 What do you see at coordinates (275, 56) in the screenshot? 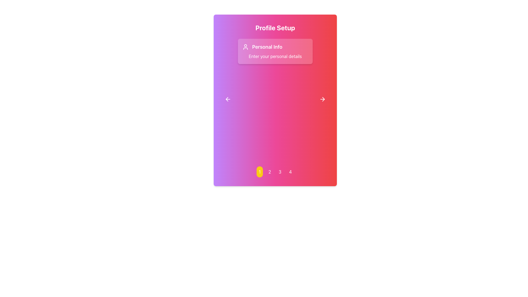
I see `the text label displaying 'Enter your personal details' within the card-like UI component` at bounding box center [275, 56].